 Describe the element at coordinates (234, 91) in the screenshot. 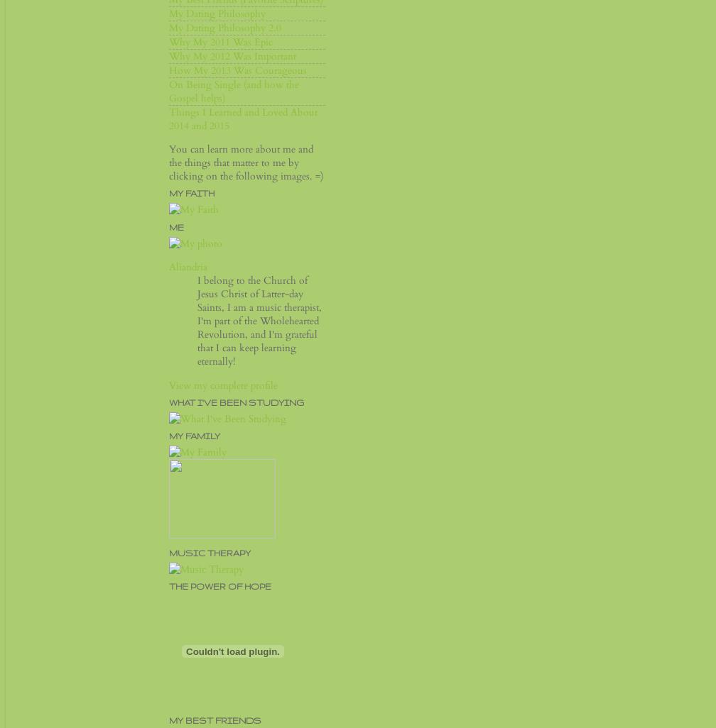

I see `'On Being Single (and how the Gospel helps)'` at that location.